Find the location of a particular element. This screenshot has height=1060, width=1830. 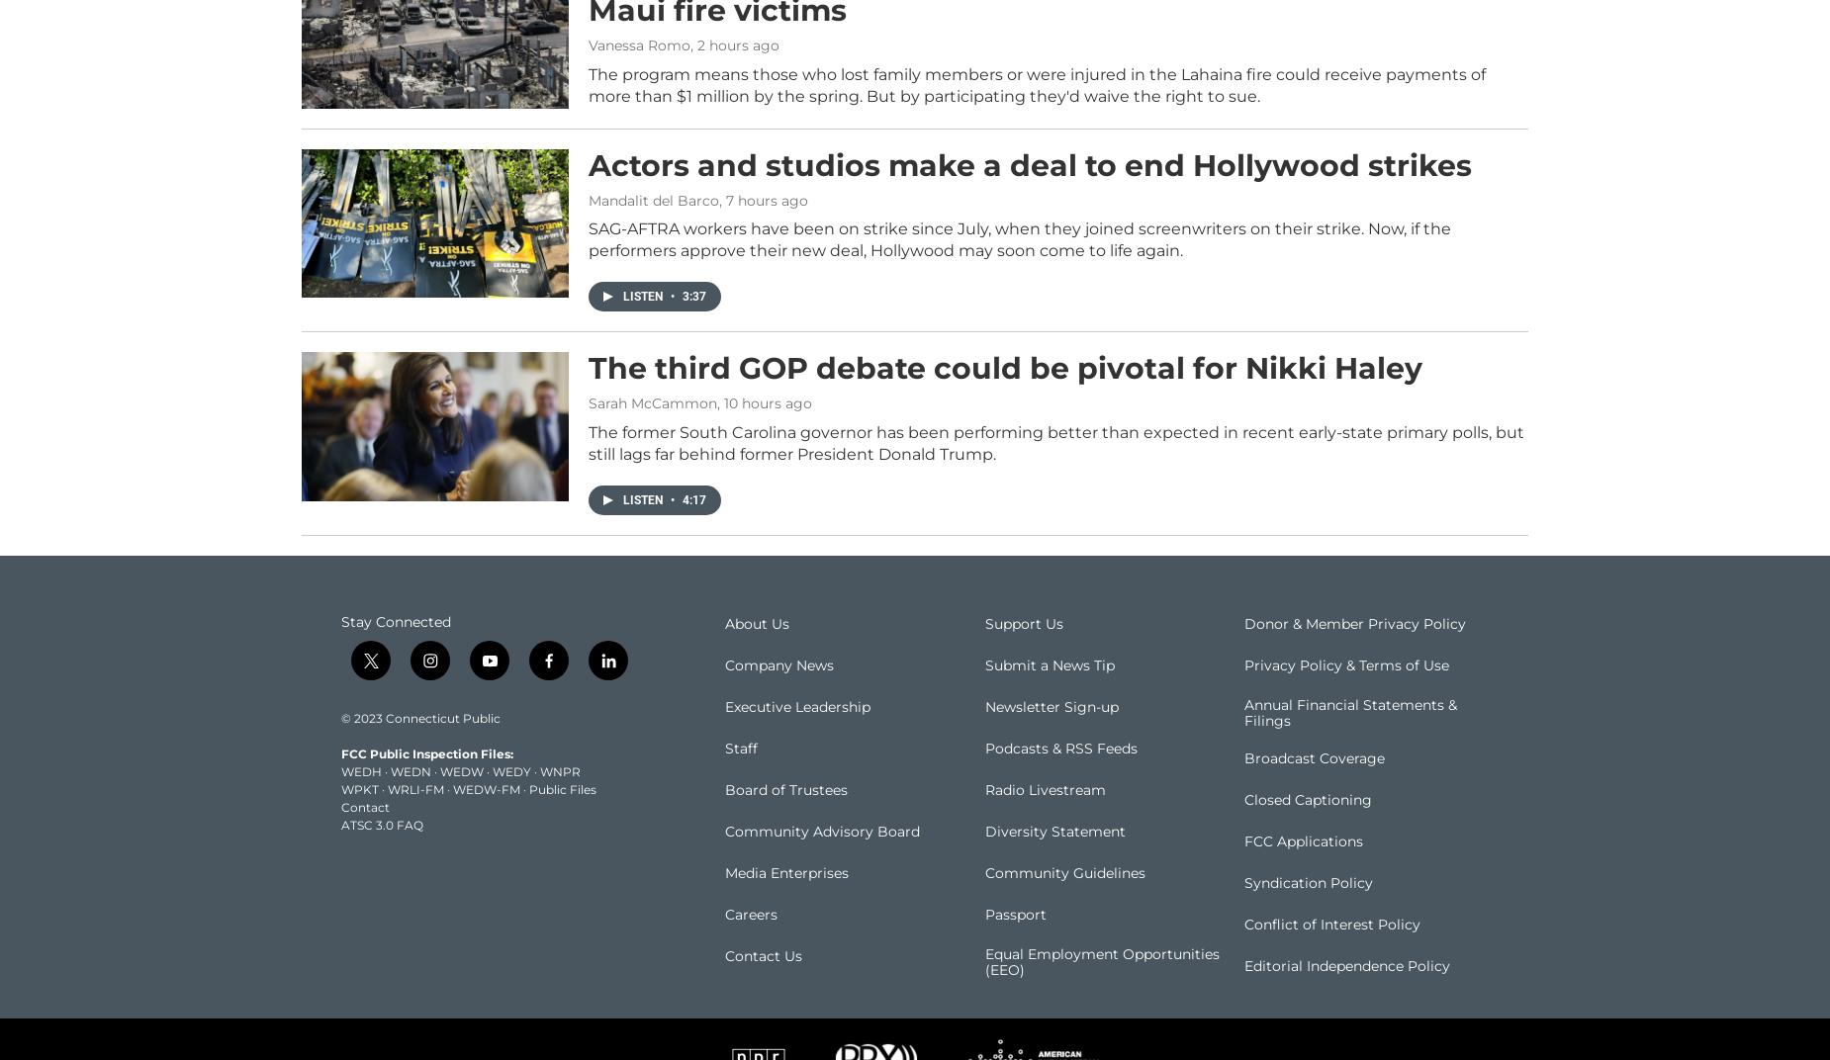

'Equal Employment Opportunities (EEO)' is located at coordinates (982, 989).